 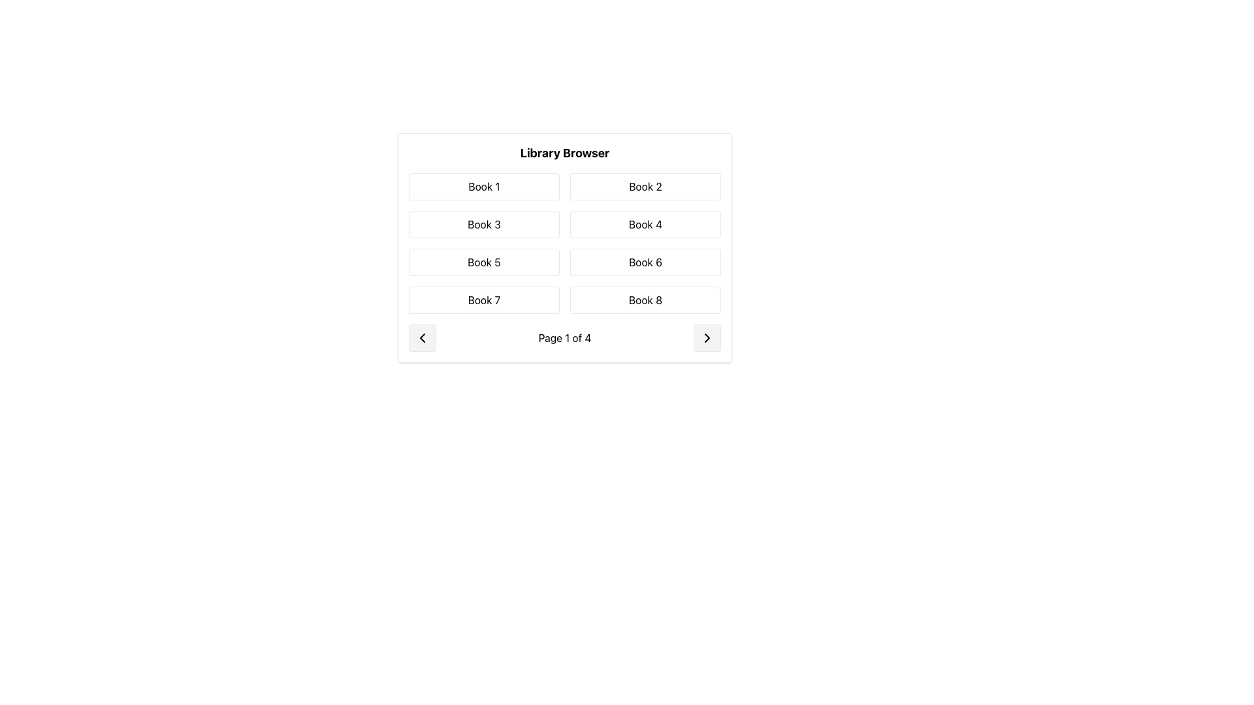 I want to click on the 'Book 5' button located in the Library Browser grid, positioned in the third row and first column, so click(x=483, y=262).